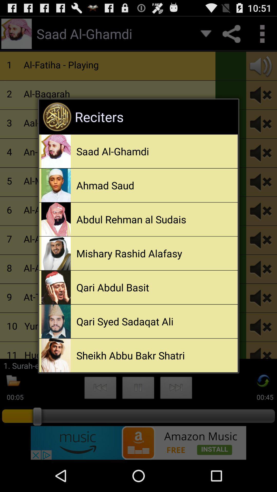 The width and height of the screenshot is (277, 492). What do you see at coordinates (13, 409) in the screenshot?
I see `the folder icon` at bounding box center [13, 409].